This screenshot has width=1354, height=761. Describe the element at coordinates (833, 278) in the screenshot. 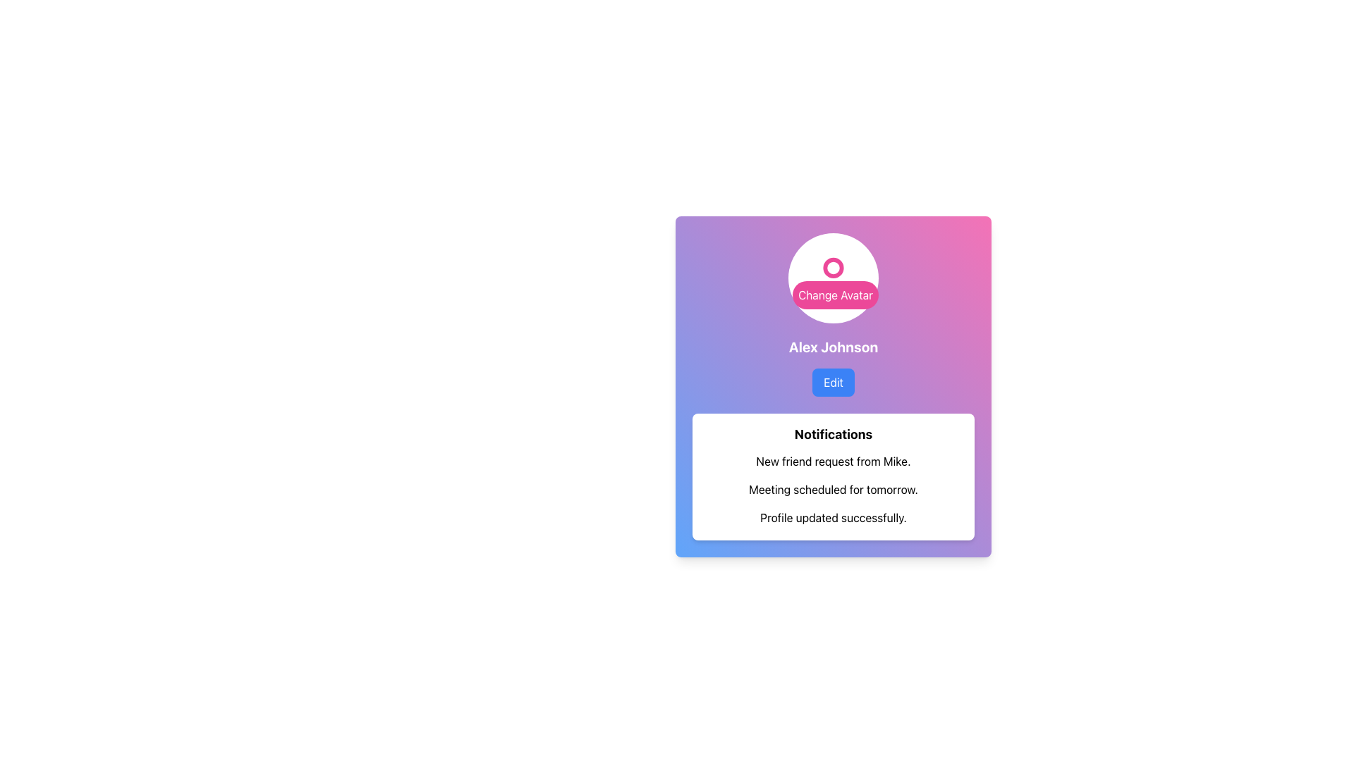

I see `the interactive visual area containing the circular avatar icon and 'Change Avatar' label` at that location.